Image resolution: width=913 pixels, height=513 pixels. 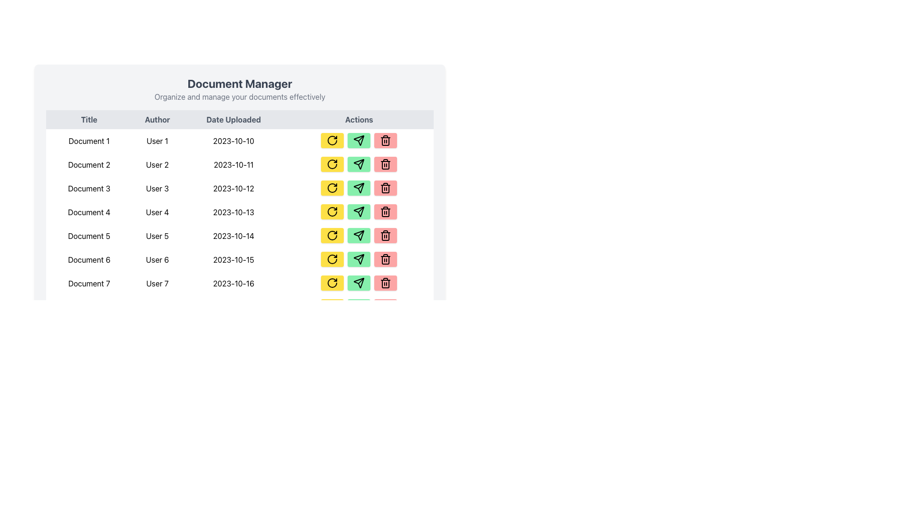 What do you see at coordinates (359, 119) in the screenshot?
I see `the text label 'Actions' which is the fourth header in the table, styled with a gray background and bold dark font` at bounding box center [359, 119].